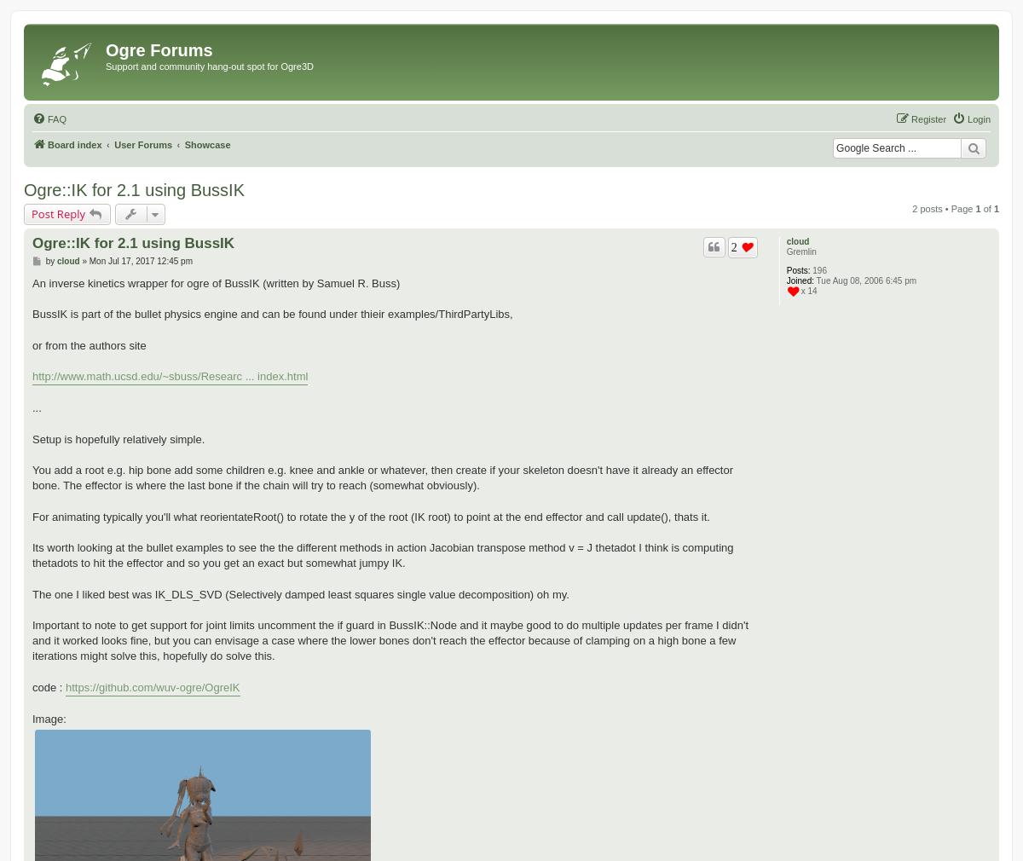 The height and width of the screenshot is (861, 1023). What do you see at coordinates (371, 515) in the screenshot?
I see `'For animating typically you'll what reorientateRoot() to rotate the y of the root (IK root) to point at the end effector and call update(), thats it.'` at bounding box center [371, 515].